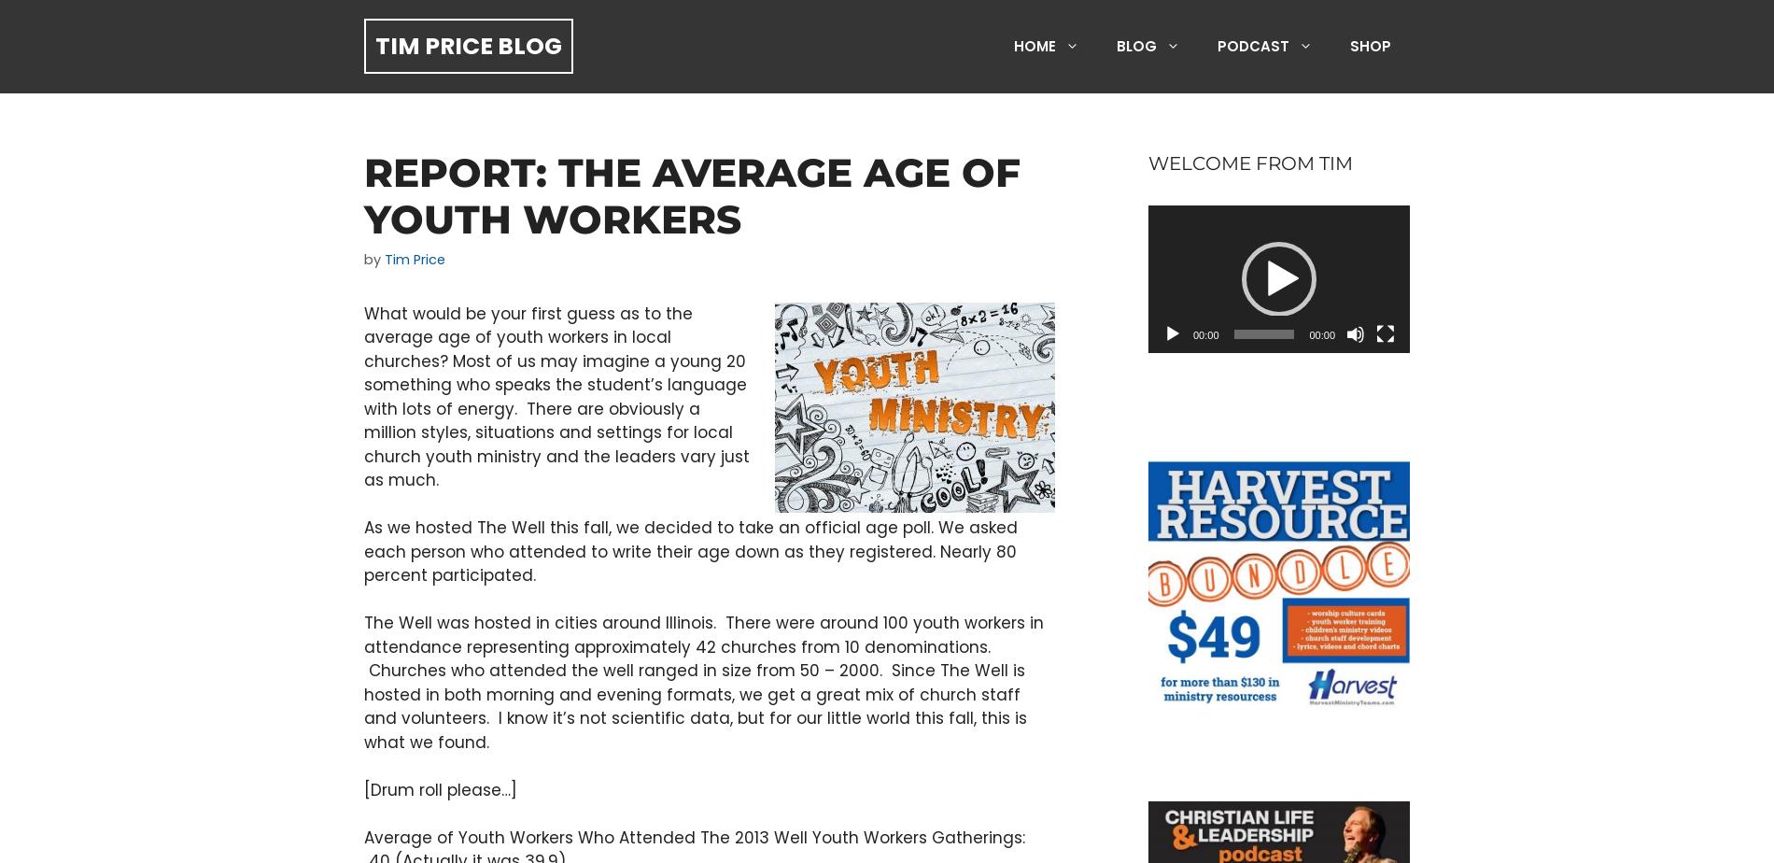 The width and height of the screenshot is (1774, 863). I want to click on 'Blog', so click(1135, 46).